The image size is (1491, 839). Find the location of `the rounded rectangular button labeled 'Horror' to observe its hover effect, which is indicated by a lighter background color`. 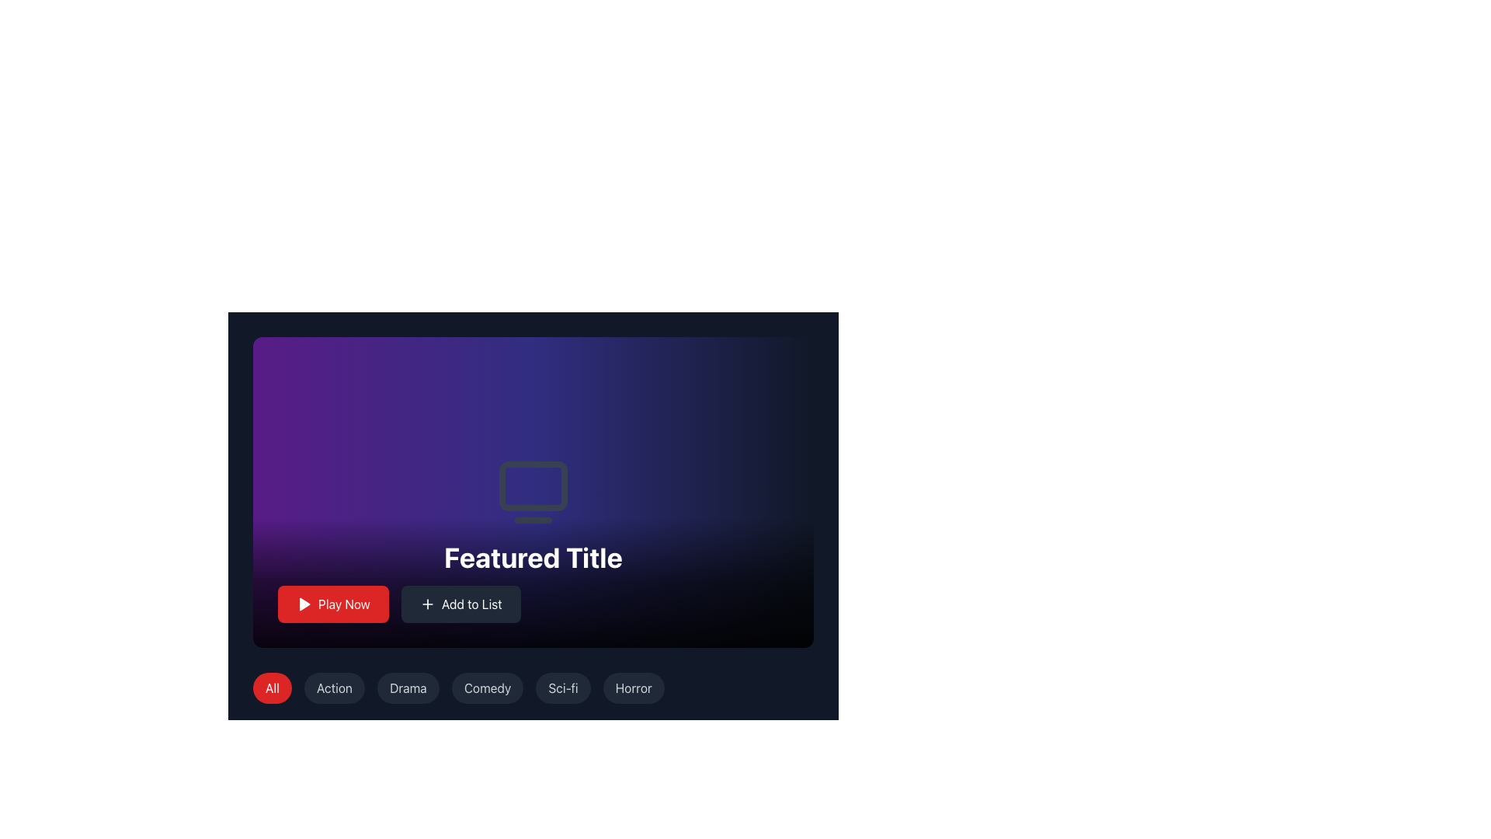

the rounded rectangular button labeled 'Horror' to observe its hover effect, which is indicated by a lighter background color is located at coordinates (634, 688).